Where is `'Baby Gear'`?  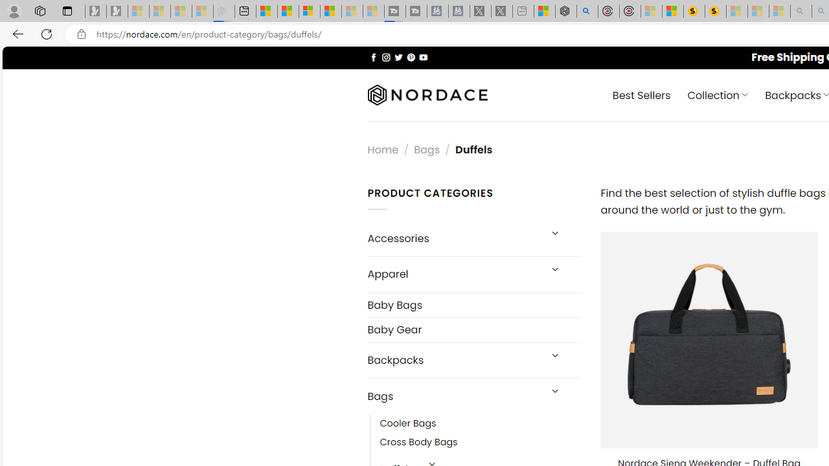
'Baby Gear' is located at coordinates (473, 329).